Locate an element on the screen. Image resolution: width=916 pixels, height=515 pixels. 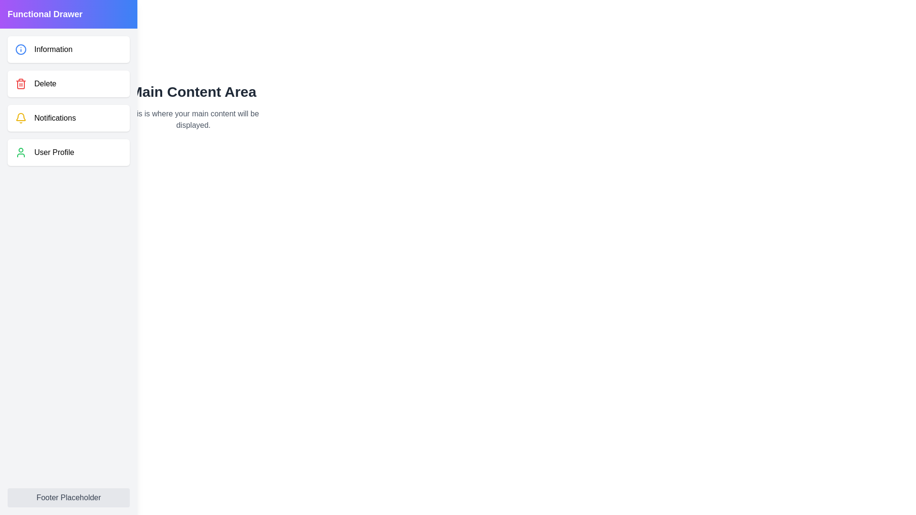
the 'User Profile' button, which is a rectangular button with a user icon and a white background that changes to light gray on hover is located at coordinates (68, 152).